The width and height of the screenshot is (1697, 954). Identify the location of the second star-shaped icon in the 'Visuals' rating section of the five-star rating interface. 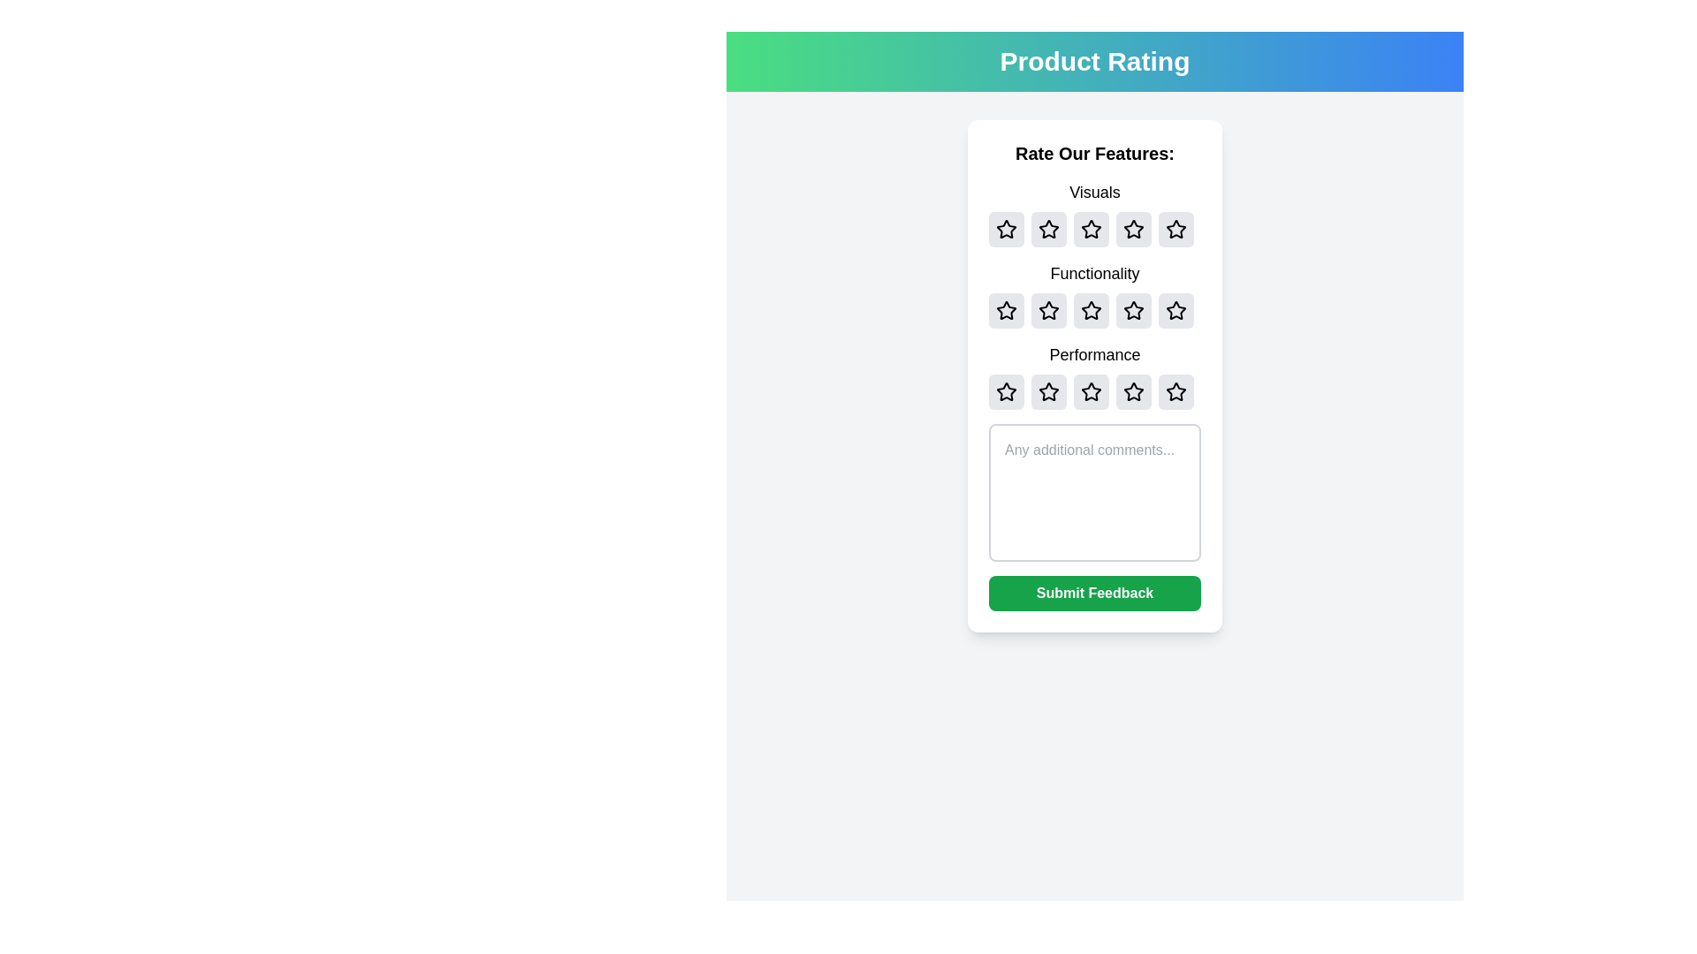
(1090, 228).